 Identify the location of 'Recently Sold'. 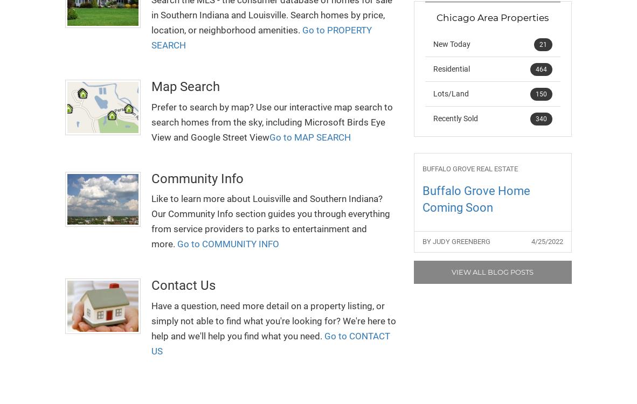
(454, 117).